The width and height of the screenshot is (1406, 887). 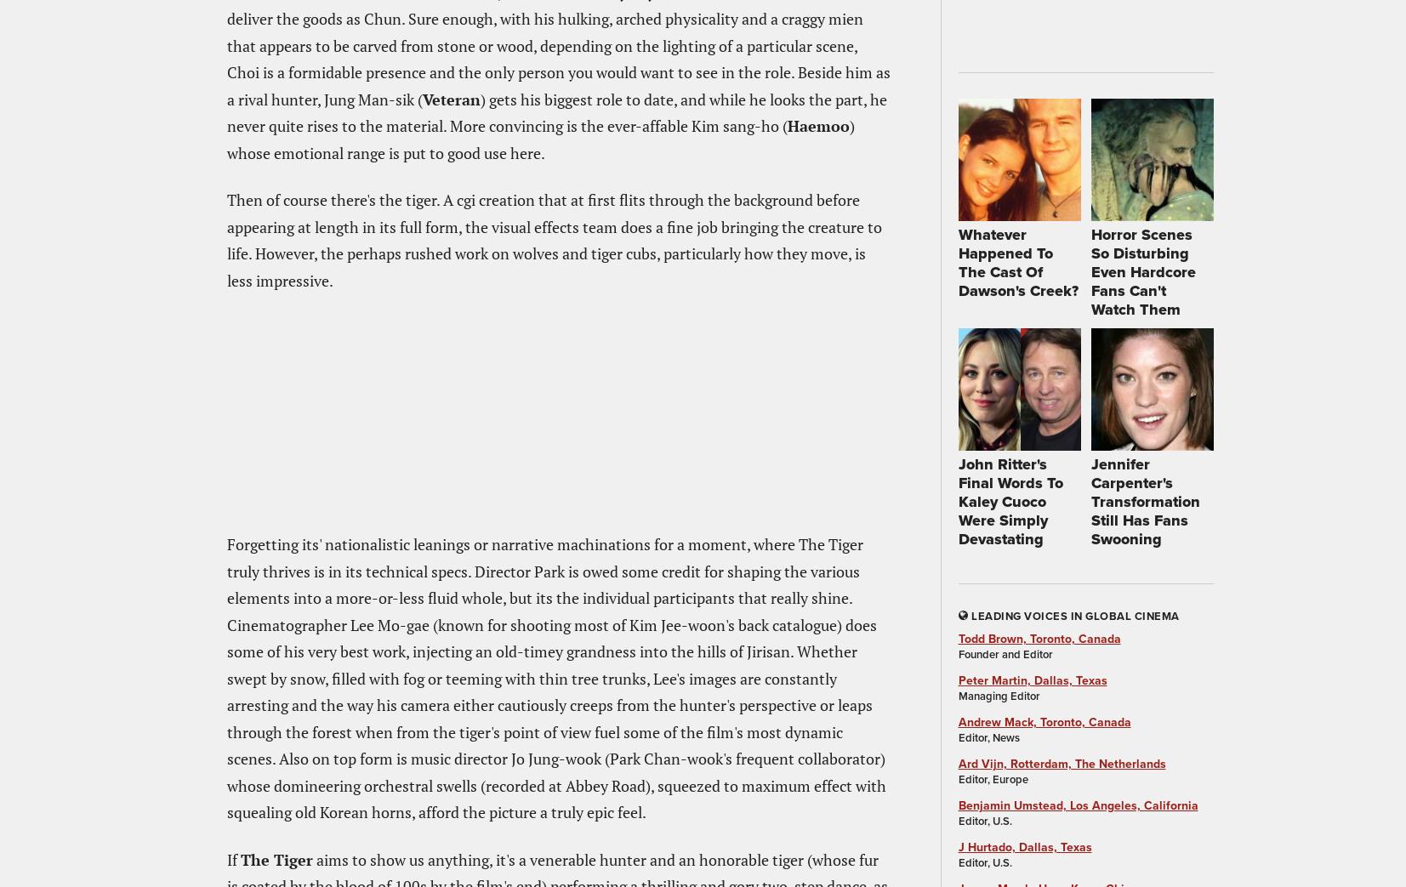 What do you see at coordinates (1024, 846) in the screenshot?
I see `'J Hurtado, Dallas, Texas'` at bounding box center [1024, 846].